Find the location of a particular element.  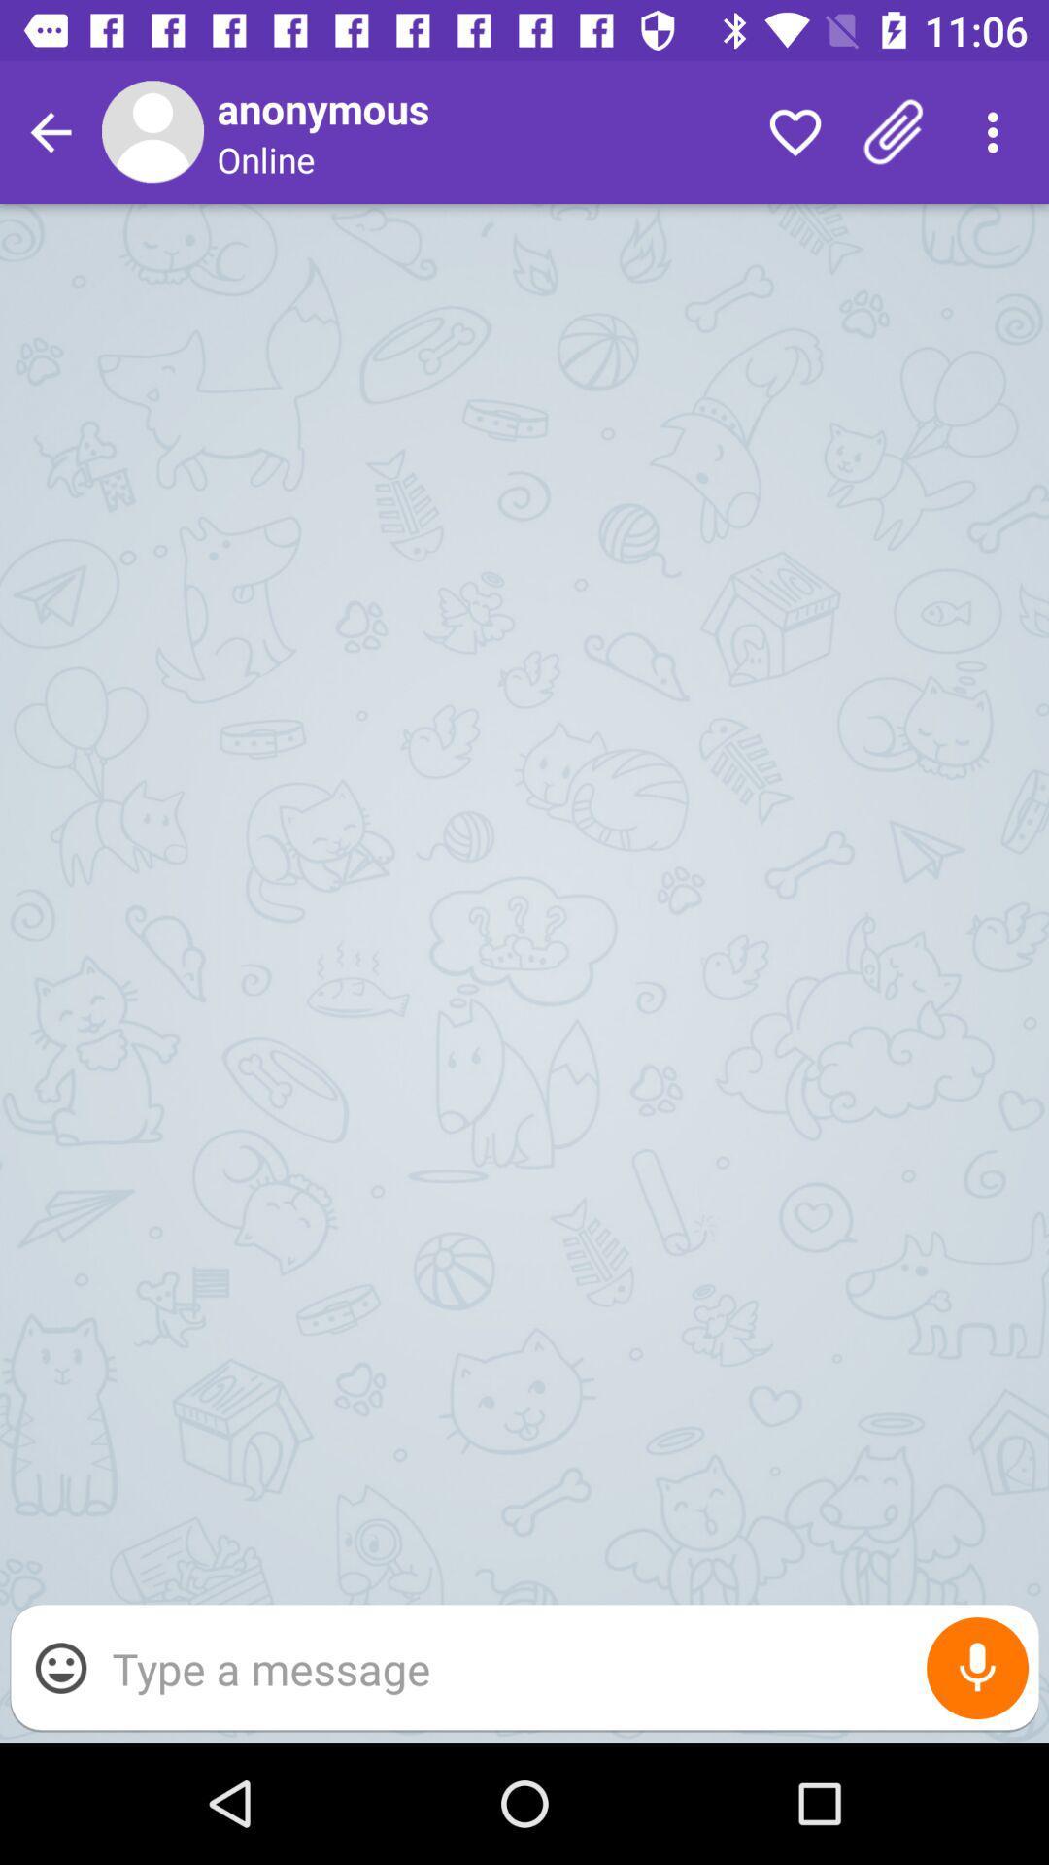

the icon next to the anonymous is located at coordinates (795, 131).